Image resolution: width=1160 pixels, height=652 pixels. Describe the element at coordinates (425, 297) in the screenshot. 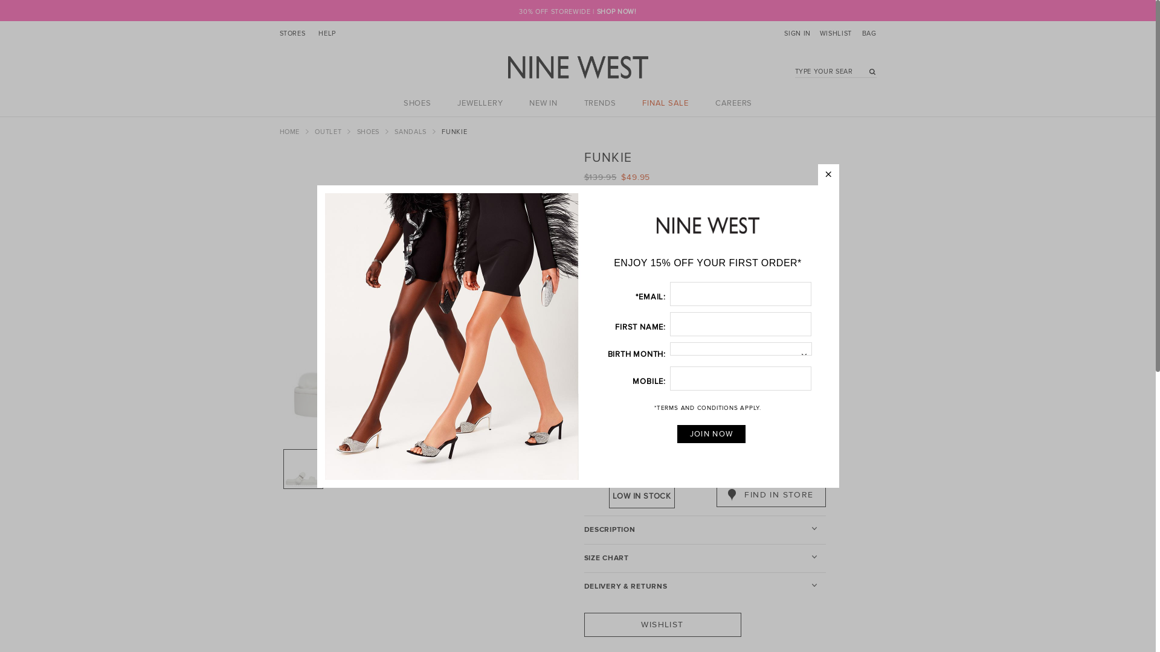

I see `'Hover to zoom'` at that location.